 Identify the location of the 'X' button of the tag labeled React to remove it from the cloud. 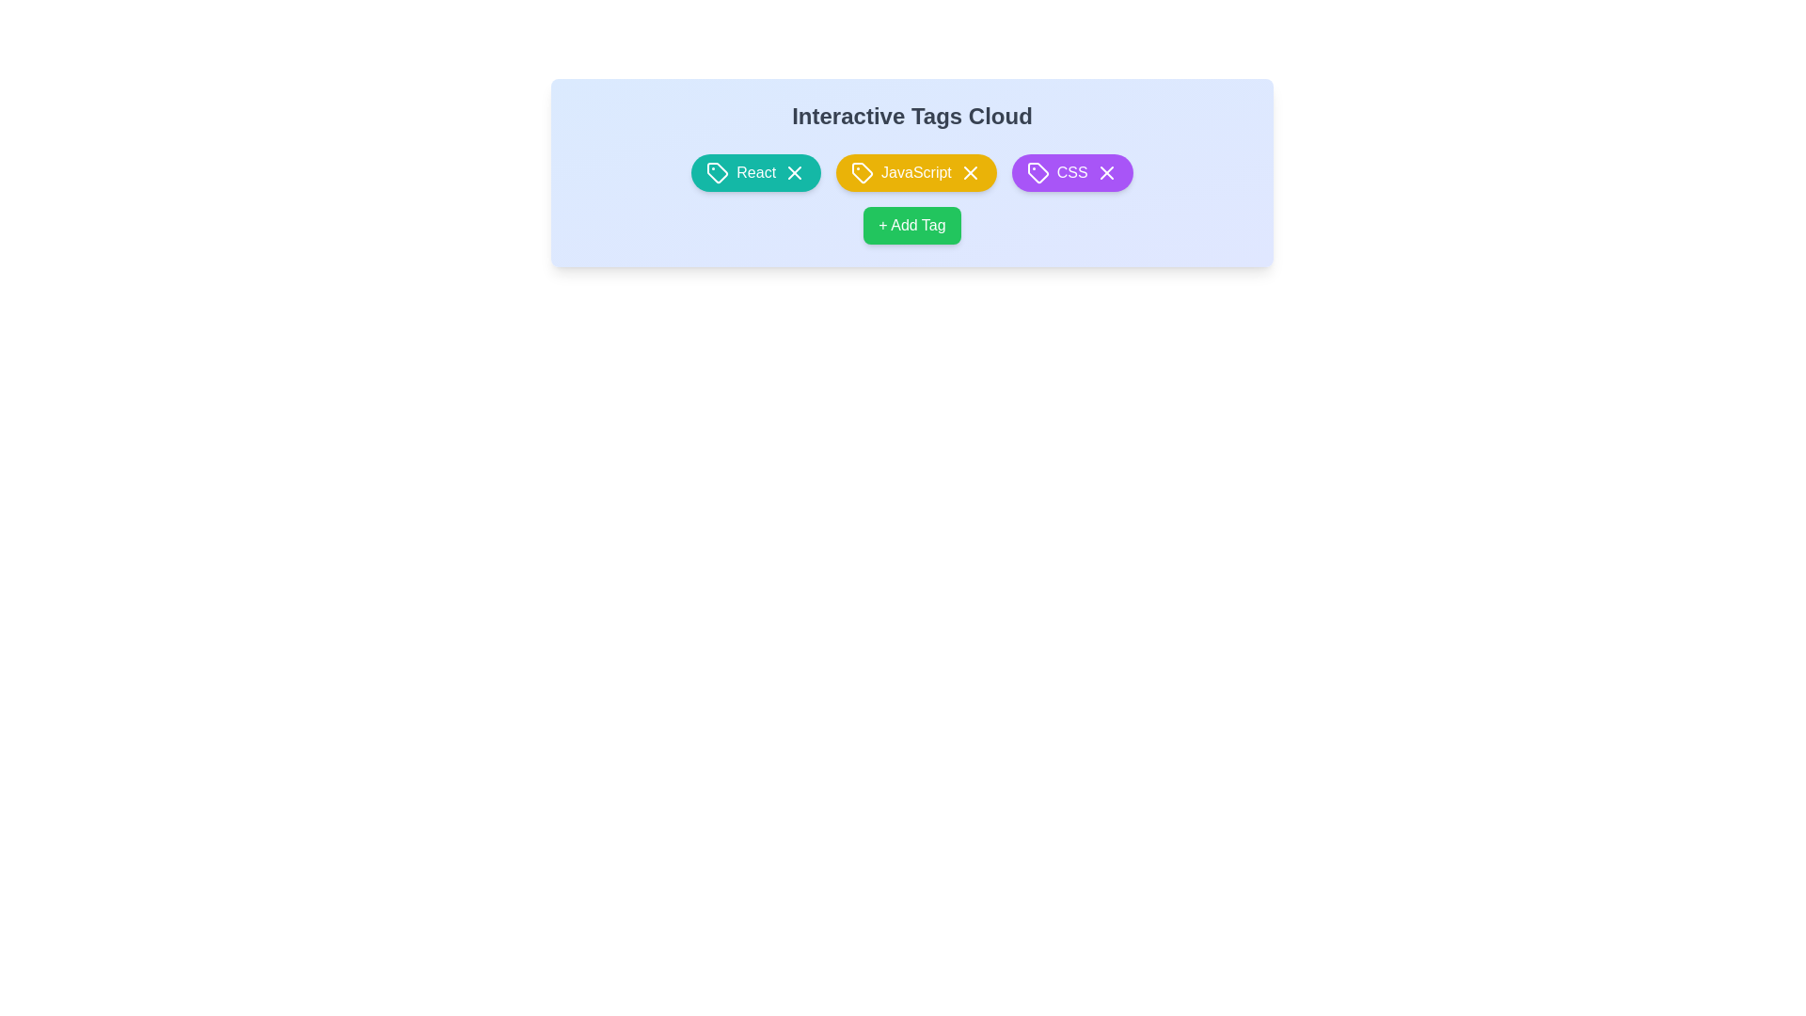
(795, 173).